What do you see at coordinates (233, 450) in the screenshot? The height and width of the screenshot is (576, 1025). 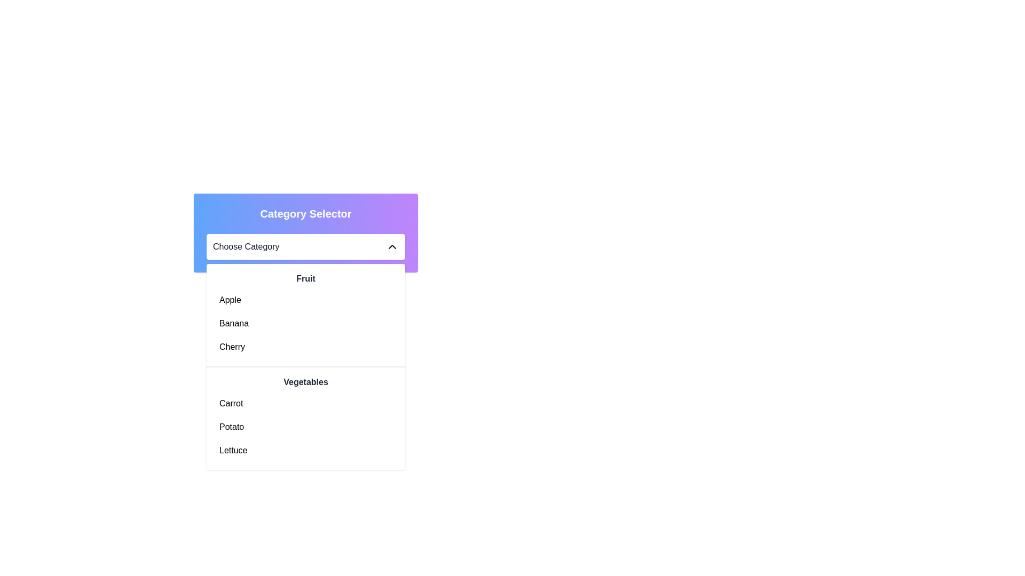 I see `the third label in the 'Vegetables' section of the dropdown list, which represents a non-interactive textual description following 'Carrot' and 'Potato'` at bounding box center [233, 450].